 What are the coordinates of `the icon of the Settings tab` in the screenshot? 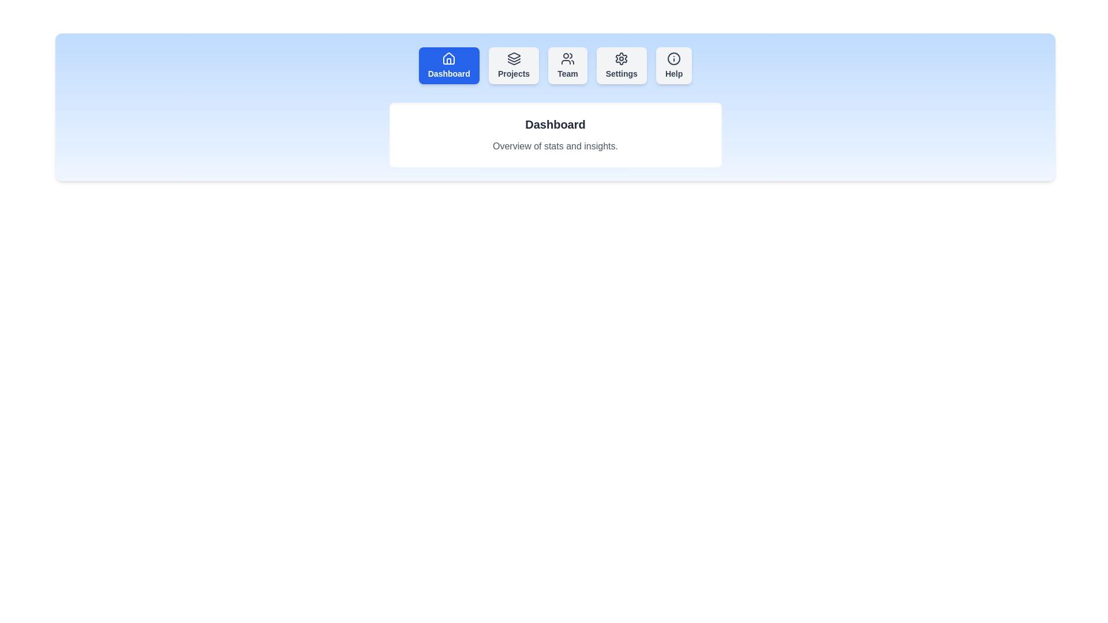 It's located at (621, 58).